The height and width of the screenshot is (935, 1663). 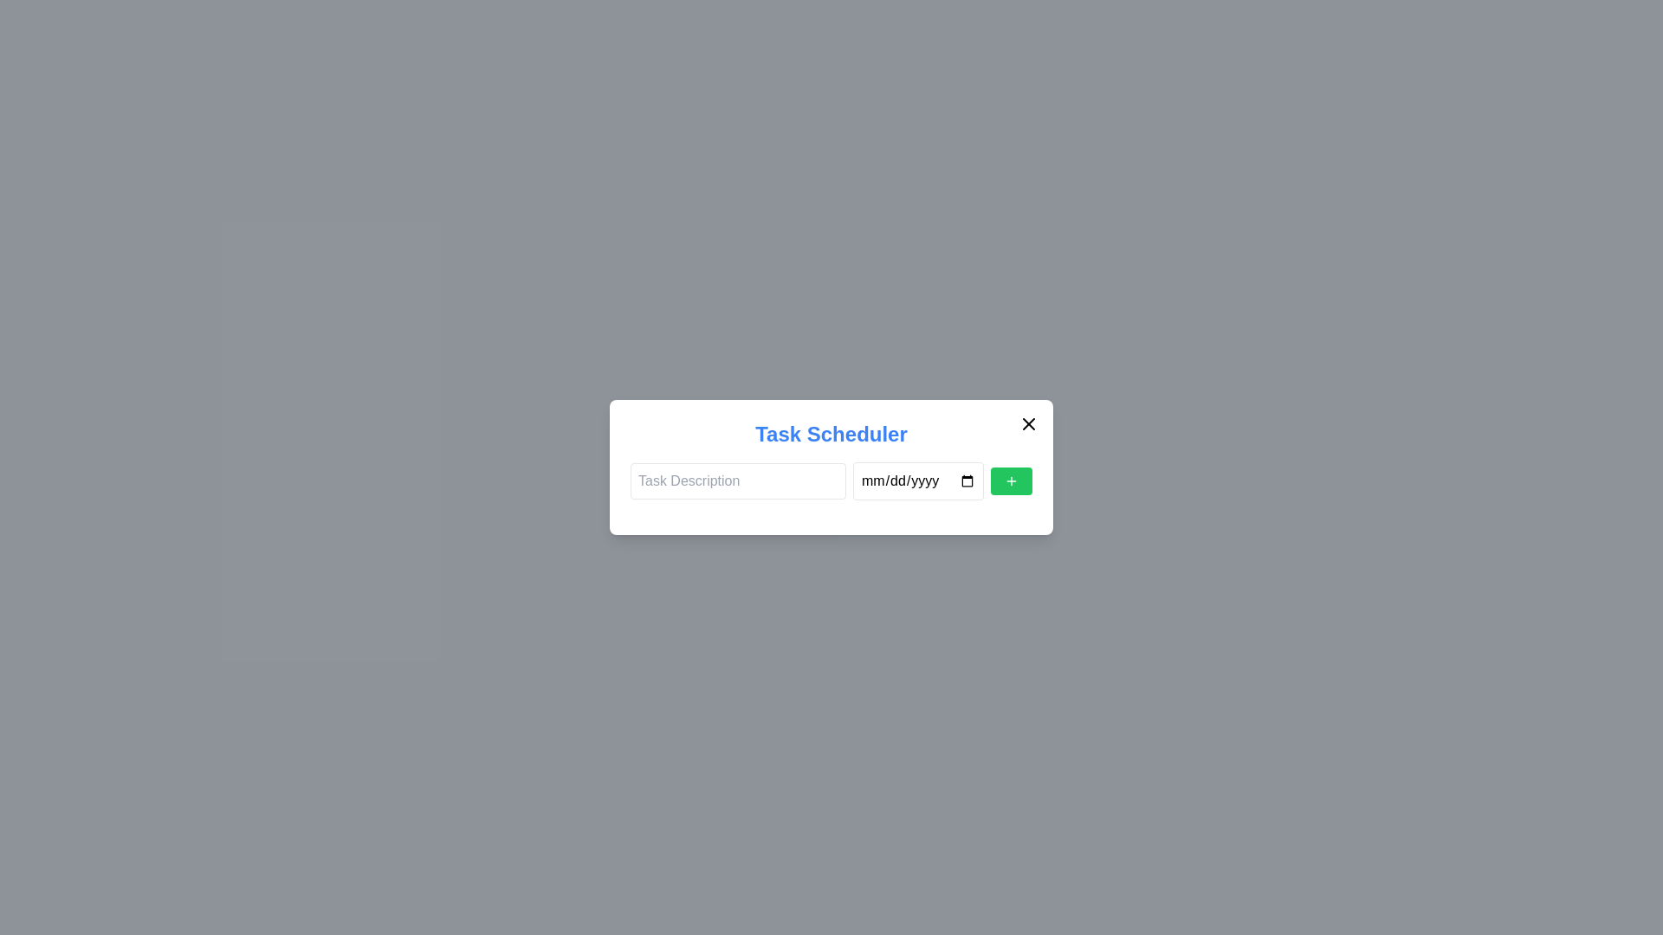 What do you see at coordinates (1011, 480) in the screenshot?
I see `the green button with a '+' symbol located at the far-right of the row in the 'Task Scheduler' modal` at bounding box center [1011, 480].